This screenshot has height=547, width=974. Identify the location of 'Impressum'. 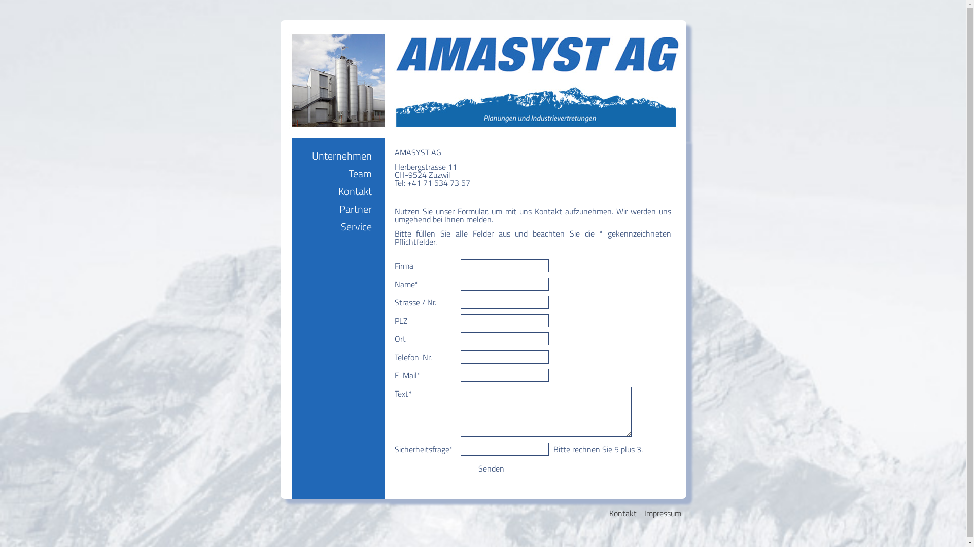
(663, 513).